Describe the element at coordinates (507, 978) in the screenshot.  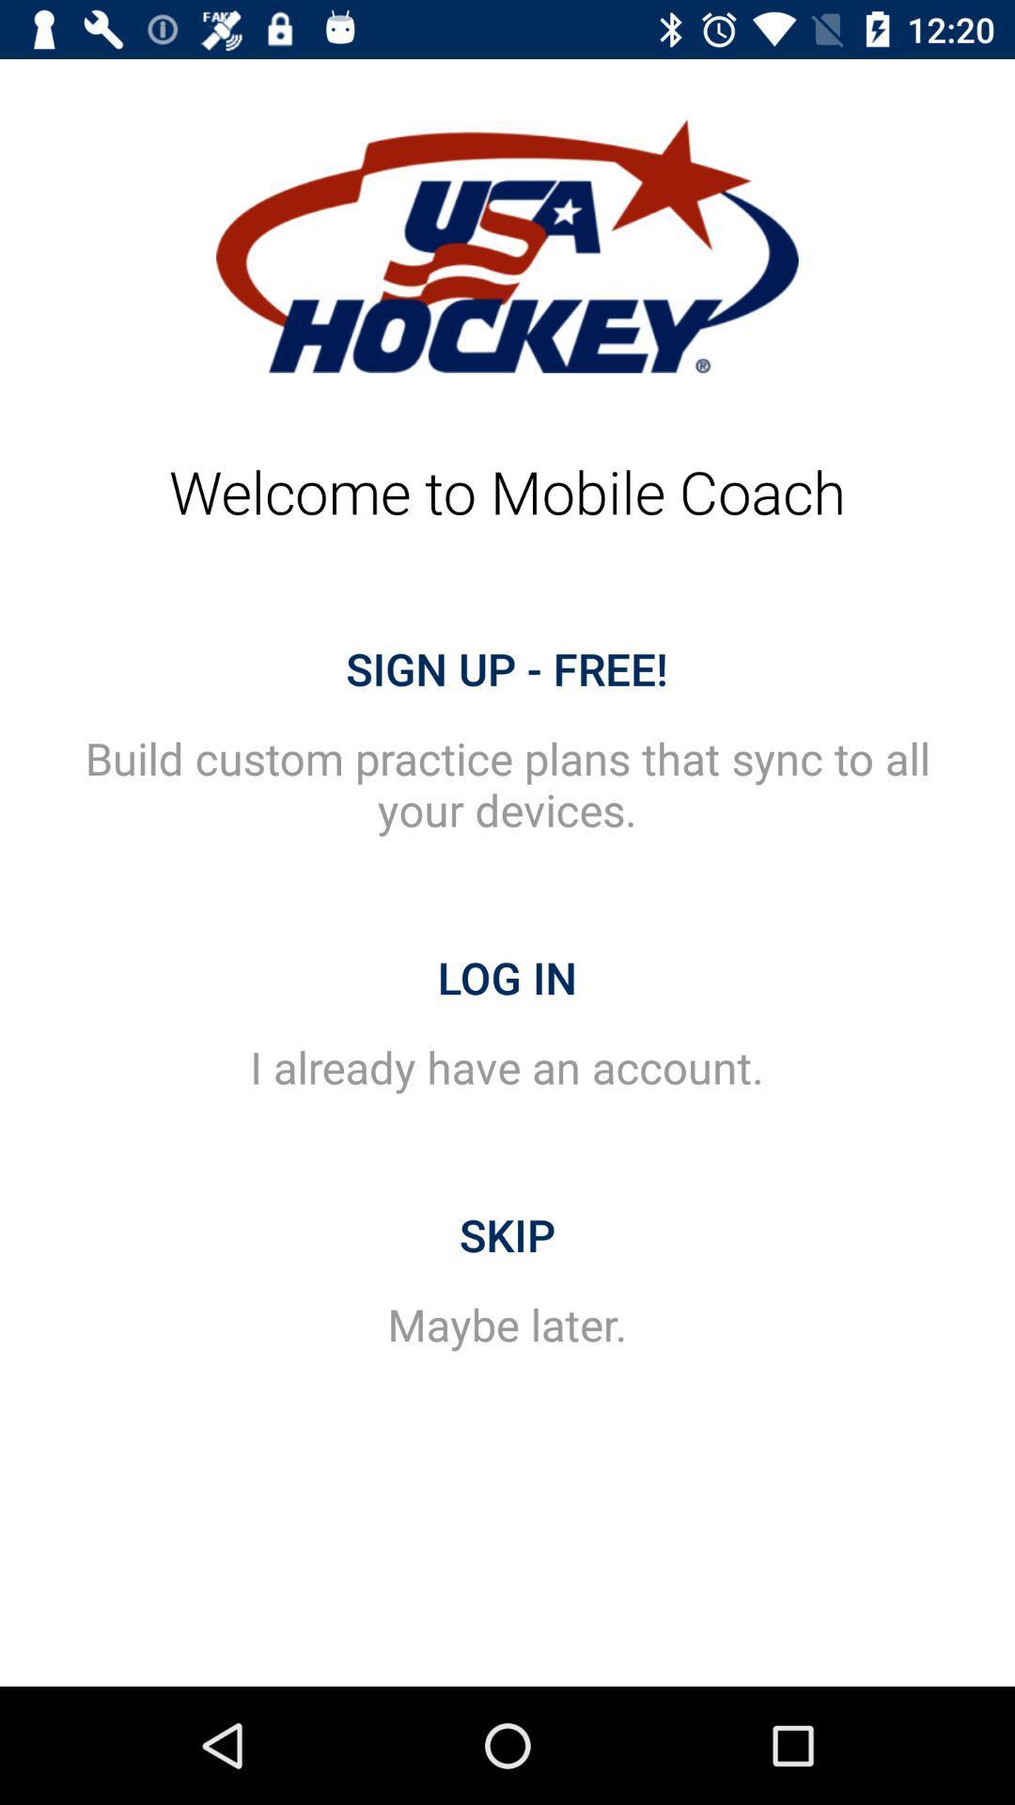
I see `item below the build custom practice item` at that location.